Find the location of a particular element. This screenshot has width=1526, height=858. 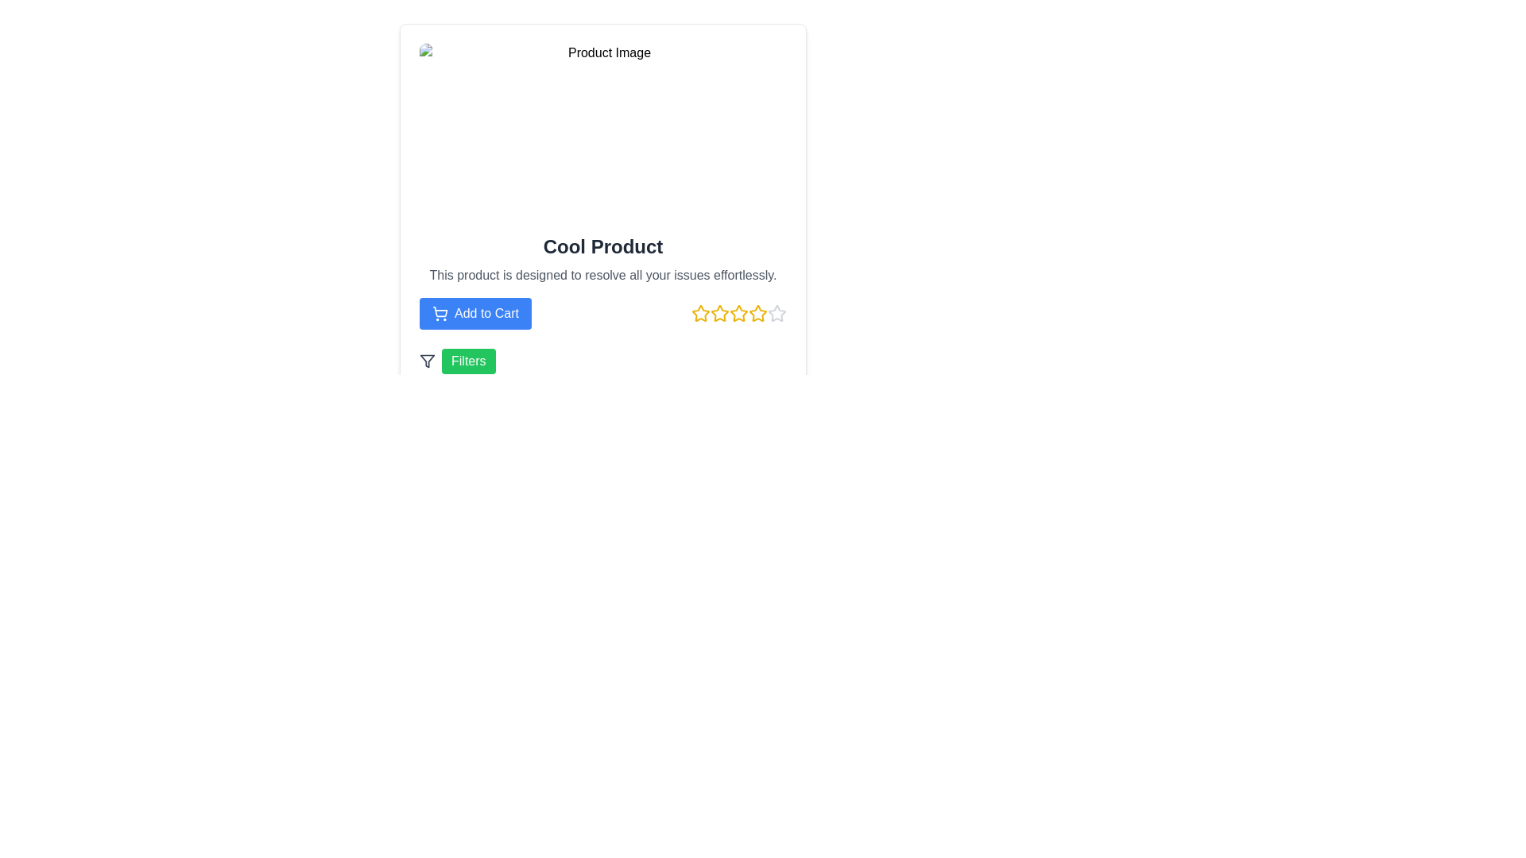

the fifth star icon in a row of six, which is filled with yellow color indicating an active state, located beneath the product description 'Cool Product' is located at coordinates (757, 313).